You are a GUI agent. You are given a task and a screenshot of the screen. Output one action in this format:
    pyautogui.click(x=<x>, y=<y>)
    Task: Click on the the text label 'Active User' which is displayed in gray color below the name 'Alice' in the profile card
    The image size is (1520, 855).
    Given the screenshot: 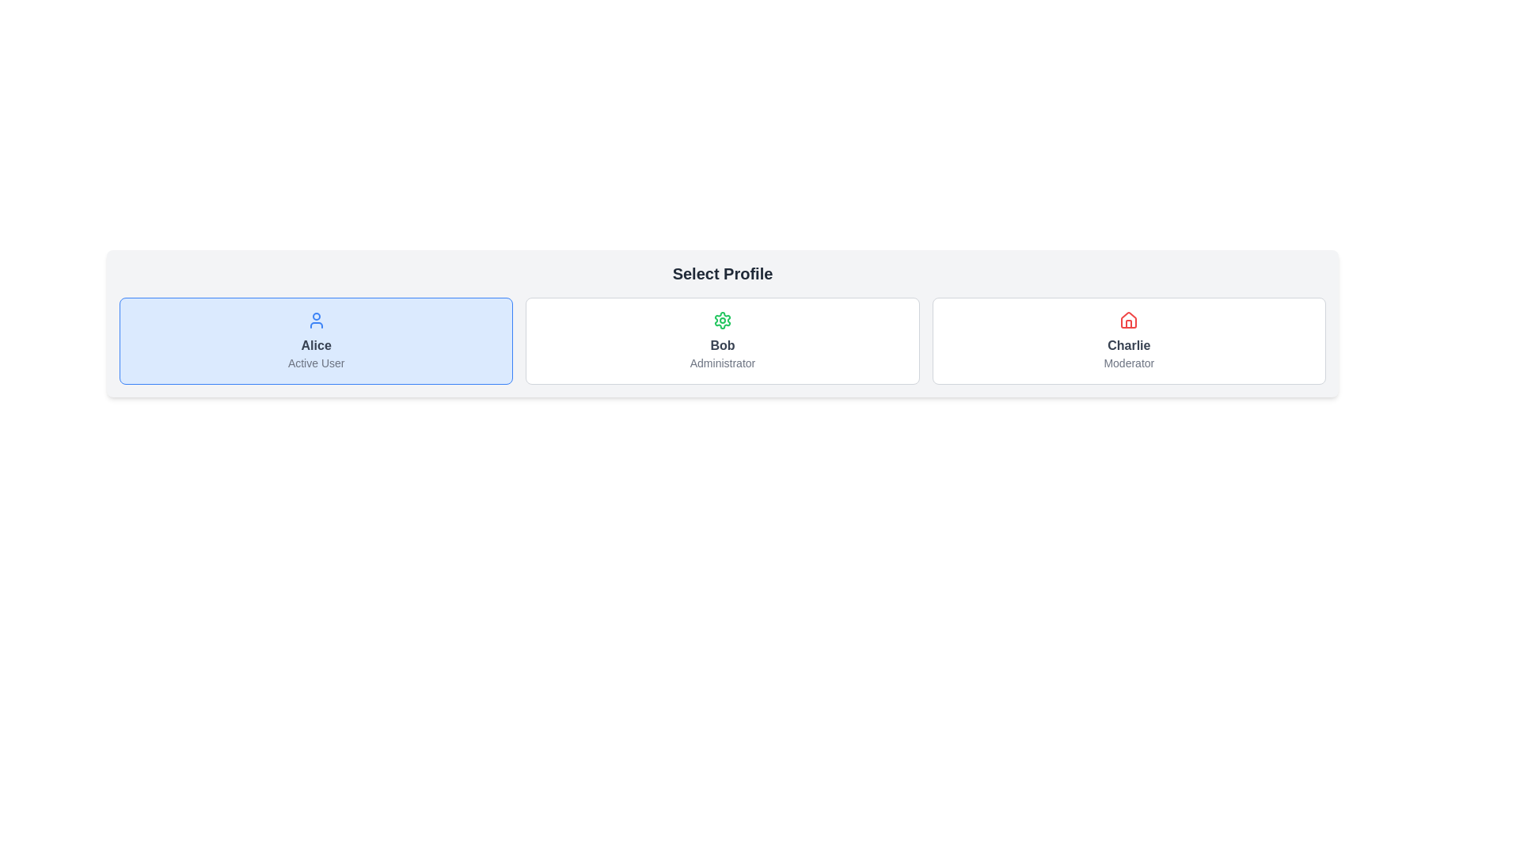 What is the action you would take?
    pyautogui.click(x=316, y=363)
    